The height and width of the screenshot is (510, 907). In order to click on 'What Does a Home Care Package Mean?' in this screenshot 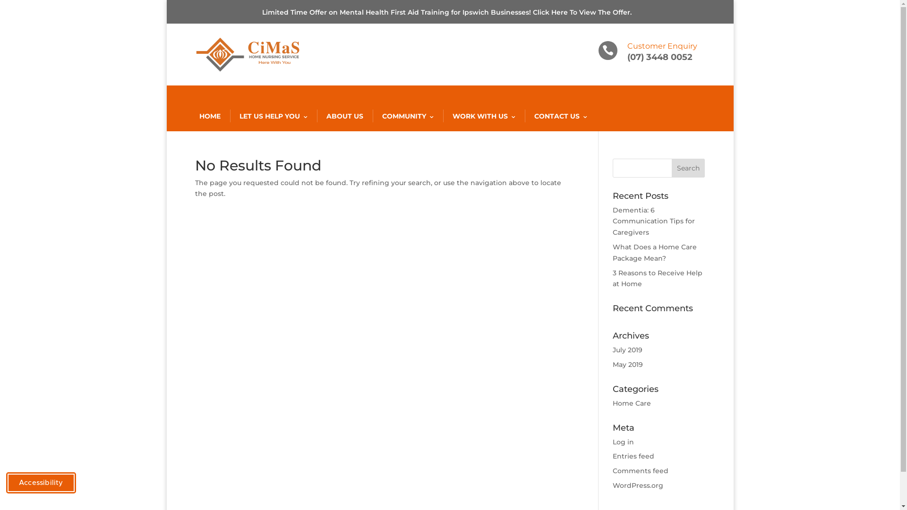, I will do `click(612, 252)`.